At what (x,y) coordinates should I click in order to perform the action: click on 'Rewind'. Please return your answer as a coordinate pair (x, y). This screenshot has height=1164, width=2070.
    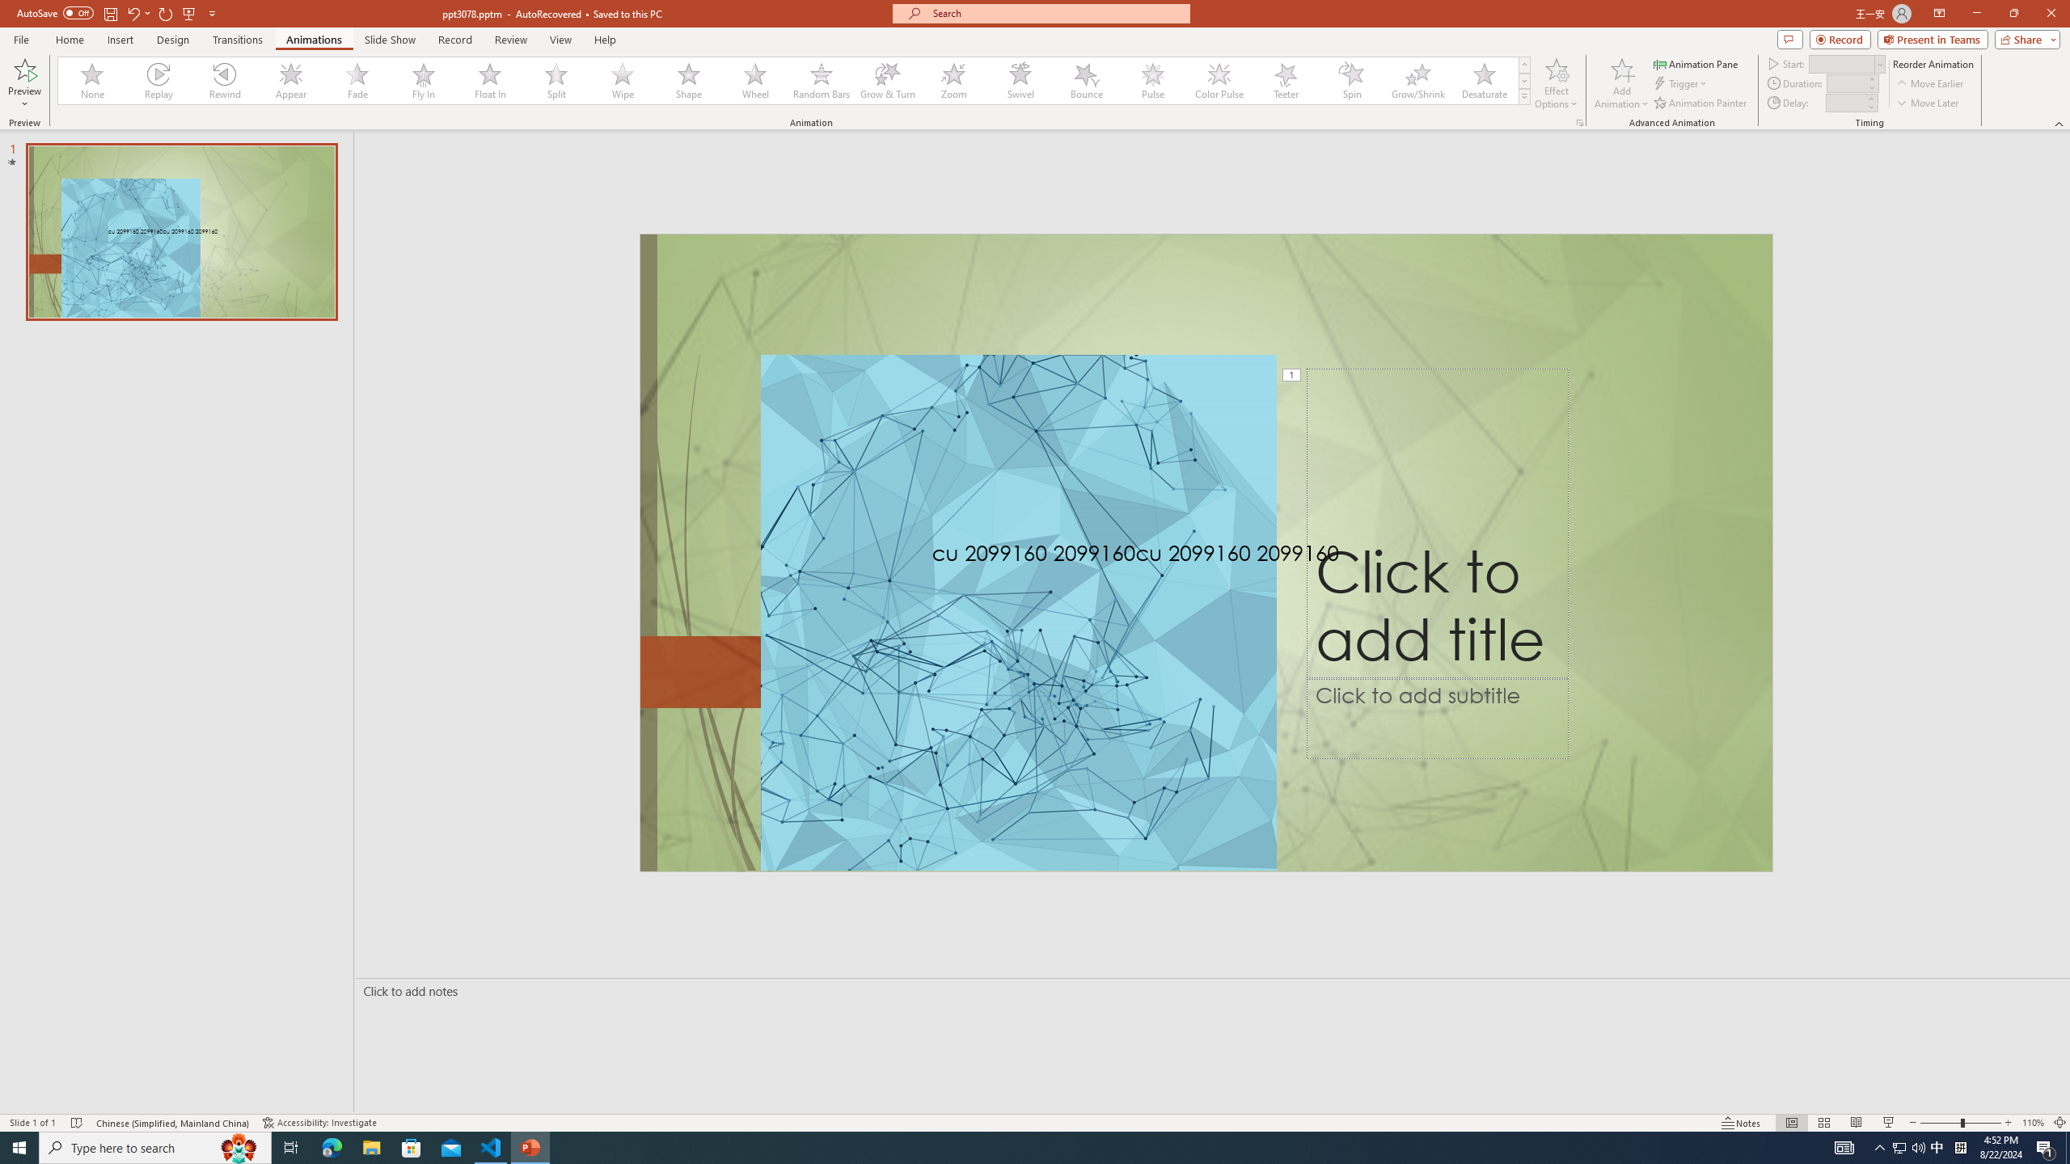
    Looking at the image, I should click on (225, 80).